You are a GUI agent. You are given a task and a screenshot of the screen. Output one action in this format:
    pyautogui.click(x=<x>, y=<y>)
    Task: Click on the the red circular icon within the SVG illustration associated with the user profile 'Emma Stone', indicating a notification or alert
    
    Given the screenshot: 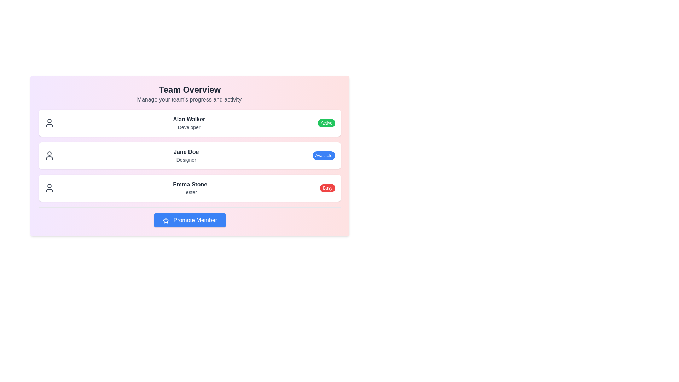 What is the action you would take?
    pyautogui.click(x=49, y=185)
    